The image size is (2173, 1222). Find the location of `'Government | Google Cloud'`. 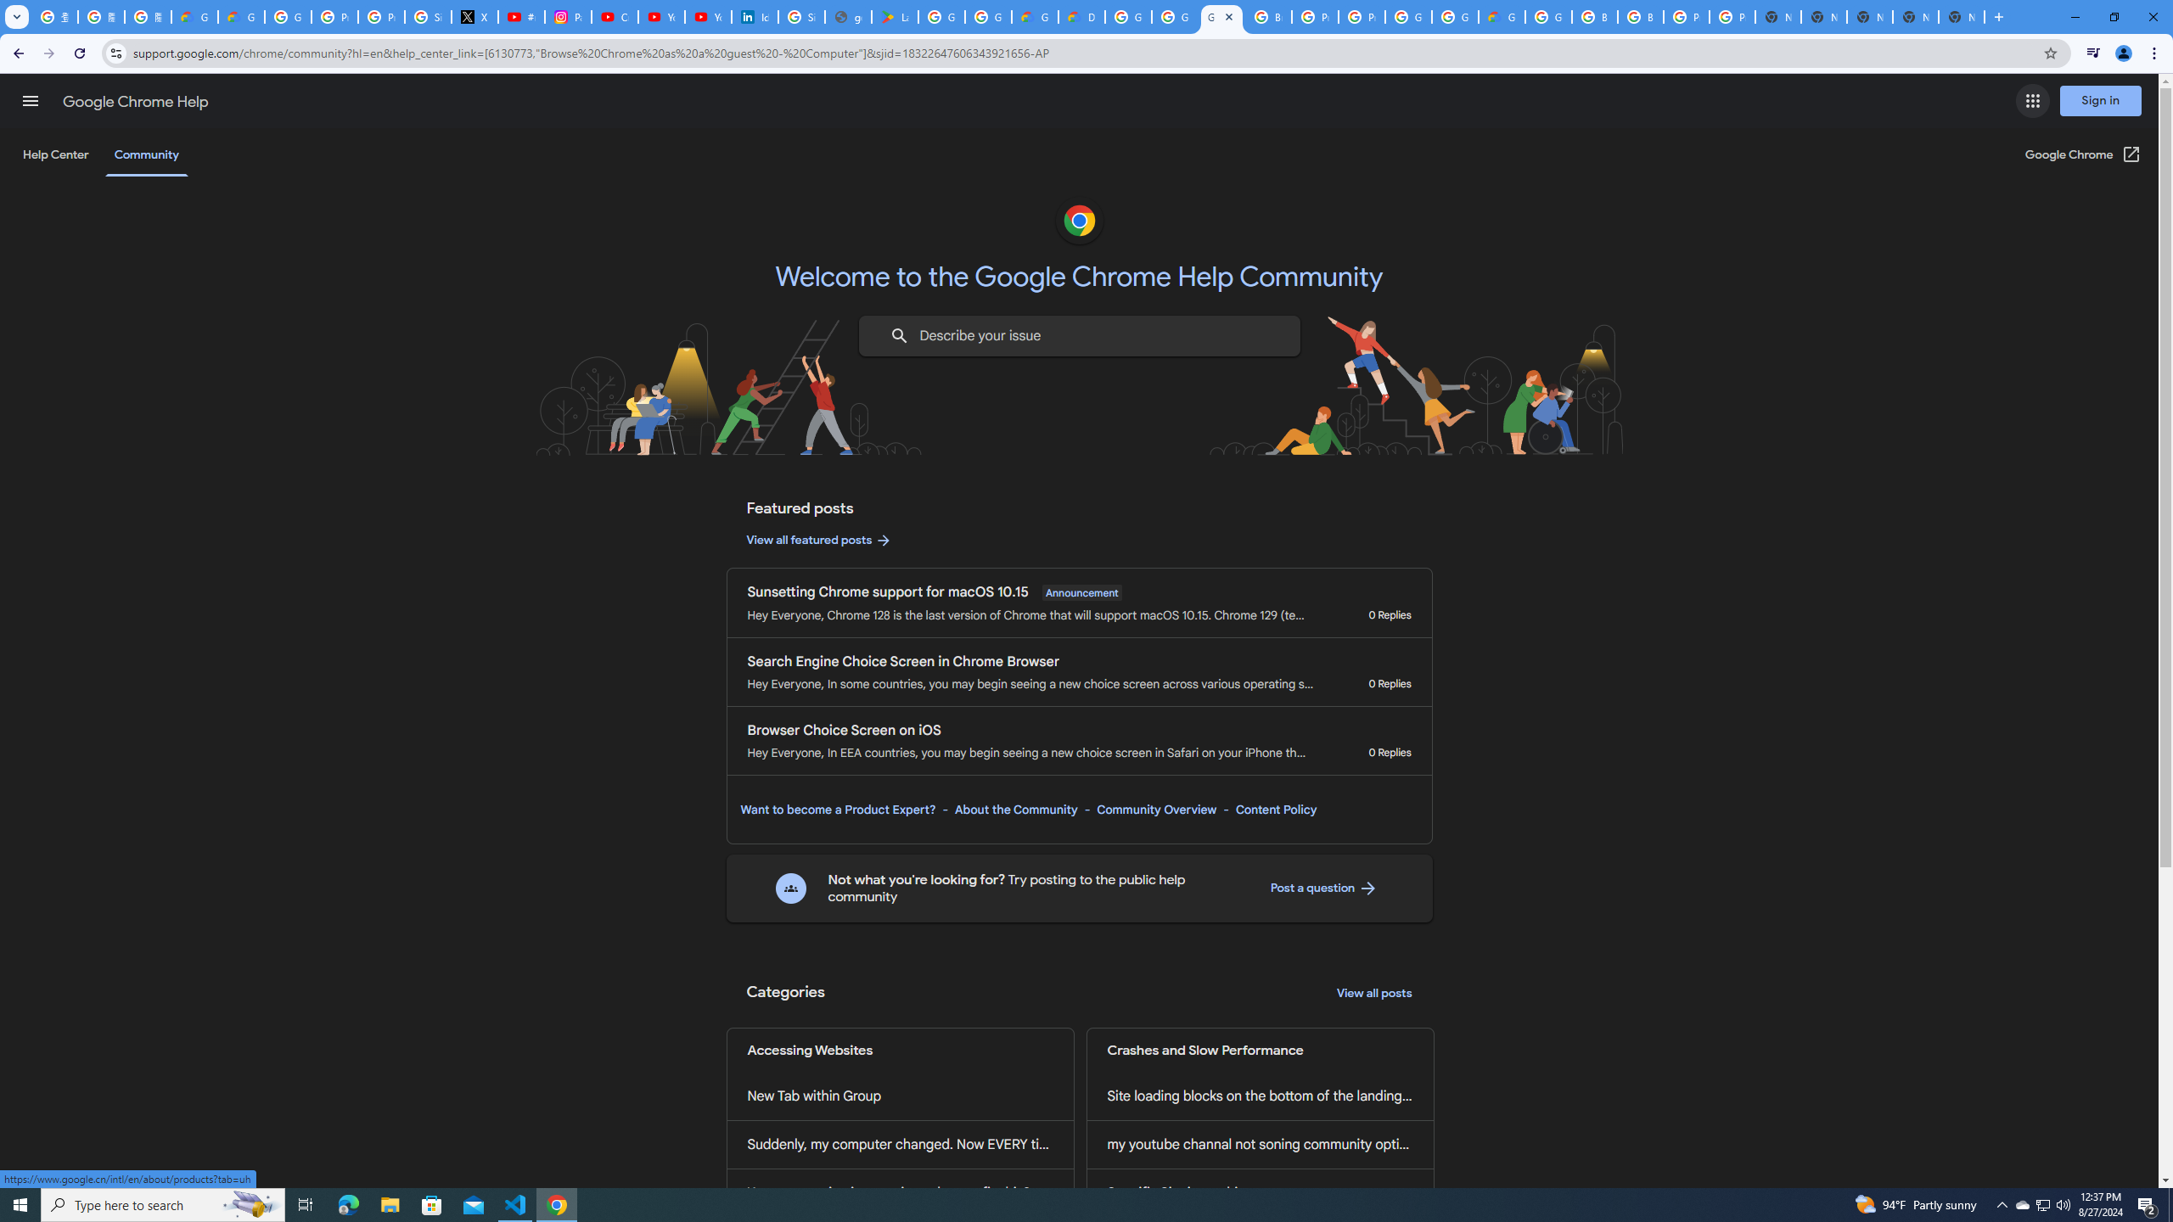

'Government | Google Cloud' is located at coordinates (1034, 16).